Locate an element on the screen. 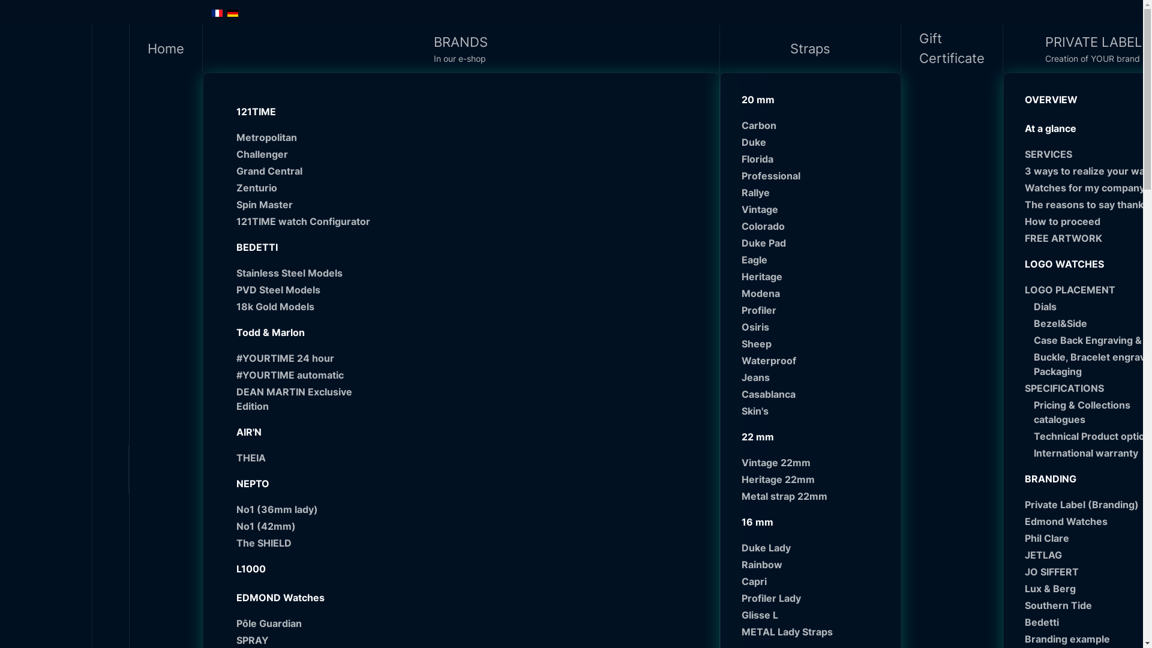  'No1 (42mm)' is located at coordinates (304, 525).